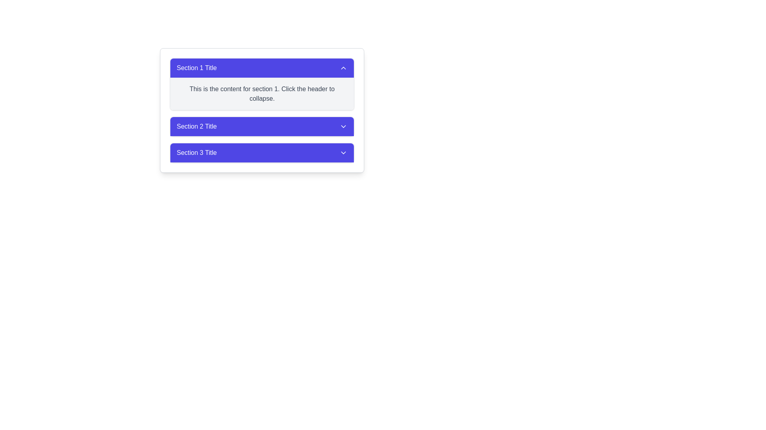 Image resolution: width=766 pixels, height=430 pixels. I want to click on the title text of the third collapsible section labeled 'Section 3', so click(197, 153).